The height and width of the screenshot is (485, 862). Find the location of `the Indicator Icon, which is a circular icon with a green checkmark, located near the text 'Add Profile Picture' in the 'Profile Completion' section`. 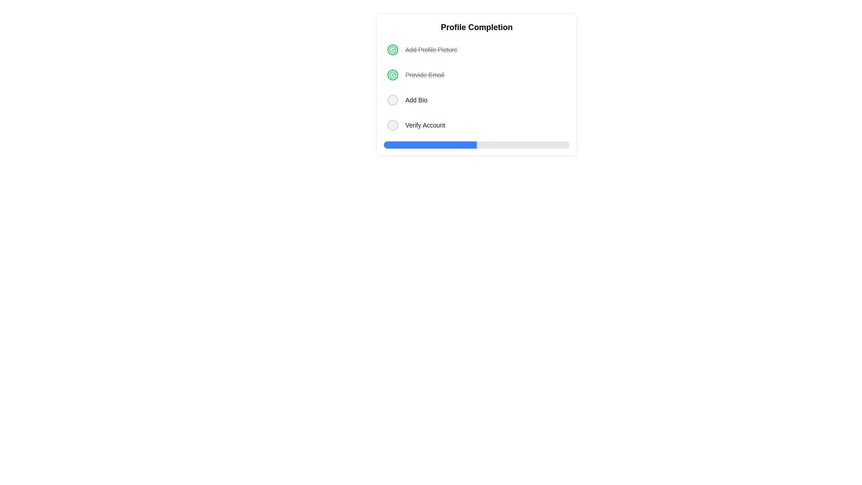

the Indicator Icon, which is a circular icon with a green checkmark, located near the text 'Add Profile Picture' in the 'Profile Completion' section is located at coordinates (392, 74).